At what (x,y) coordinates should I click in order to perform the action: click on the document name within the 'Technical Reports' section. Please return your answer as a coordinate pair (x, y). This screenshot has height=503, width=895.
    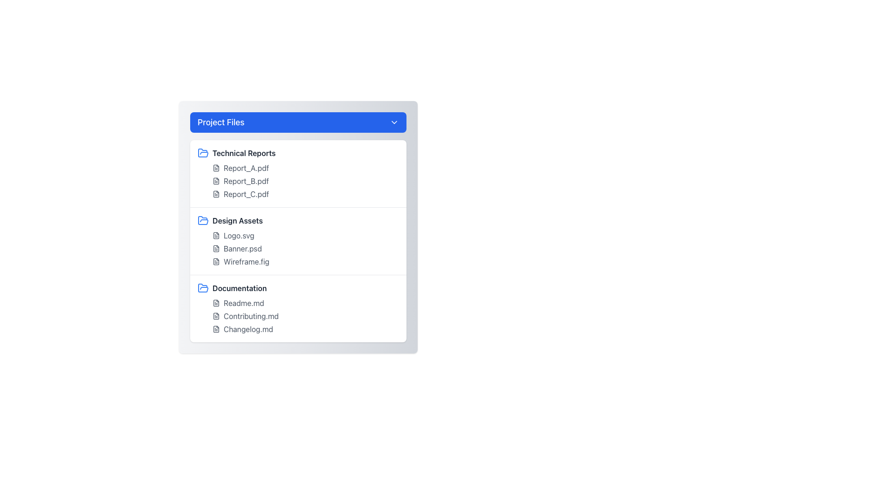
    Looking at the image, I should click on (297, 174).